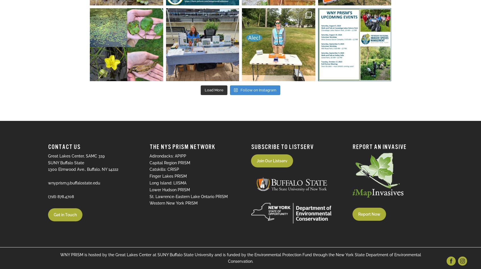 The width and height of the screenshot is (481, 269). I want to click on 'SUNY Buffalo State', so click(66, 162).